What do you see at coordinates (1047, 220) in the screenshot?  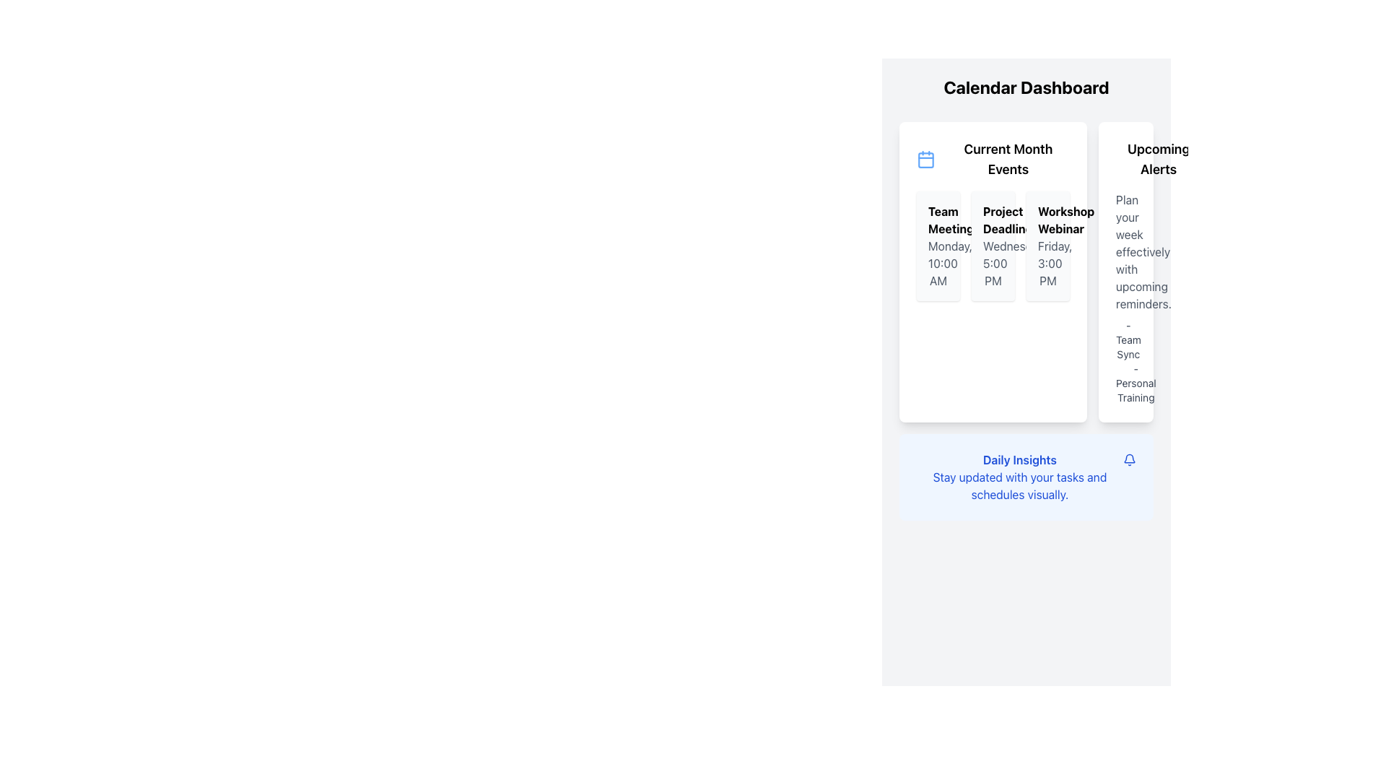 I see `the static text element that serves as a title for the event 'Workshop Webinar', located within the 'Current Month Events' section, positioned above 'Friday, 3:00 PM' and to the right of 'Project Deadline' card` at bounding box center [1047, 220].